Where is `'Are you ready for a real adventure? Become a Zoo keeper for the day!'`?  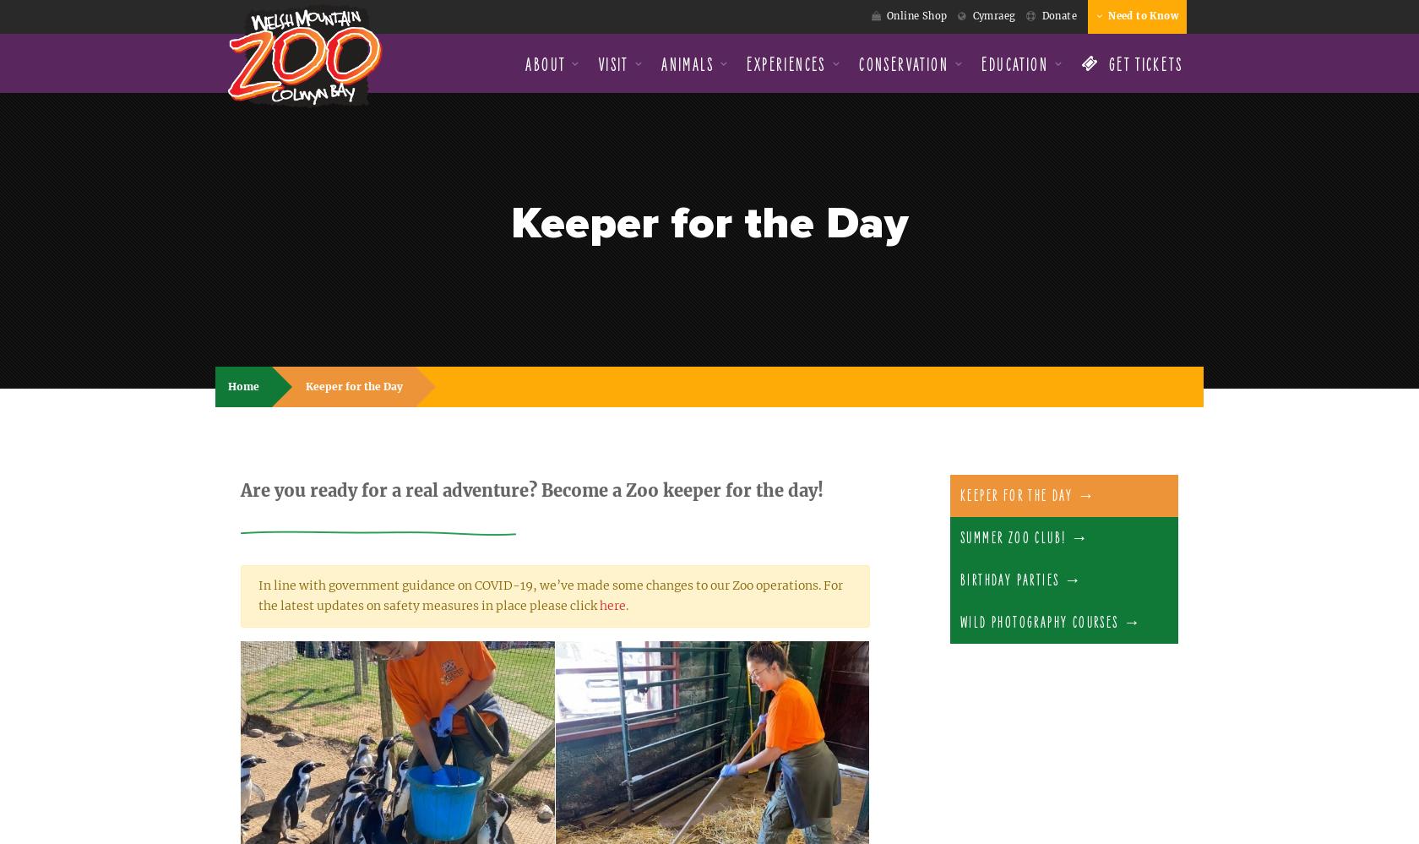
'Are you ready for a real adventure? Become a Zoo keeper for the day!' is located at coordinates (532, 490).